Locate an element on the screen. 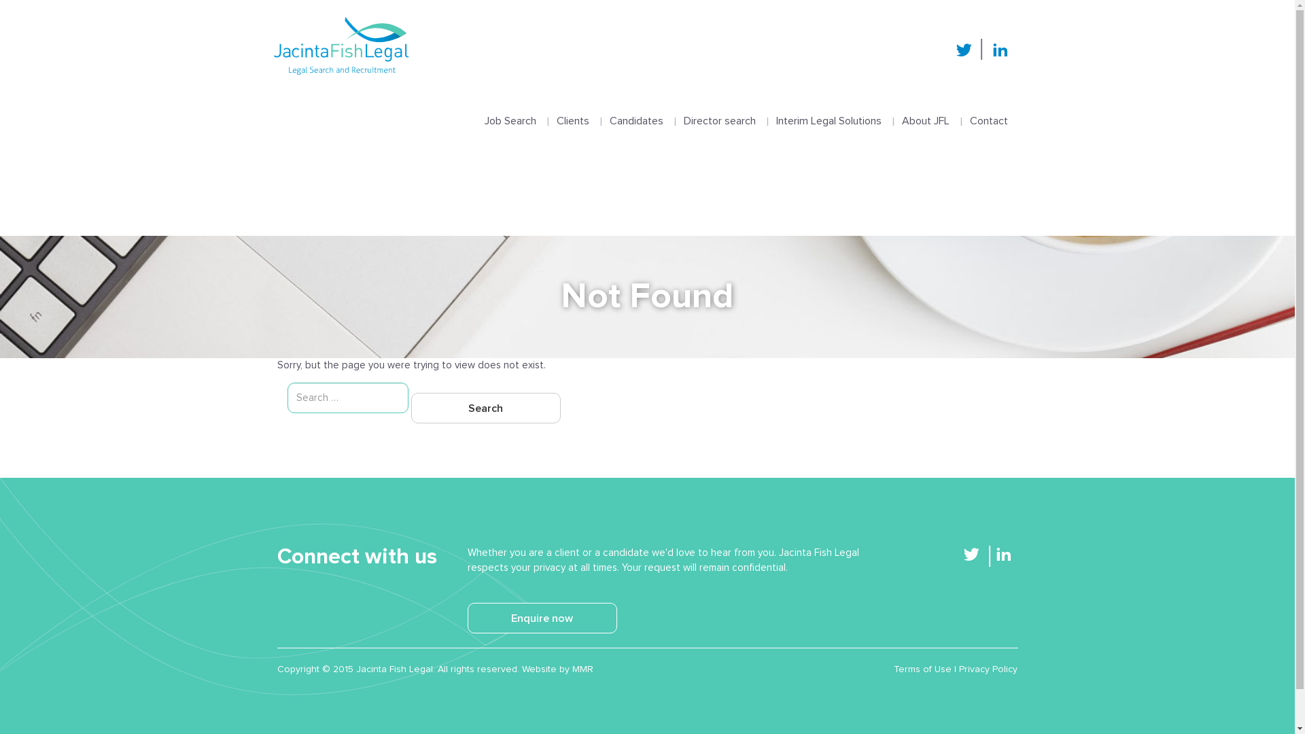  'Terms of Use' is located at coordinates (922, 668).